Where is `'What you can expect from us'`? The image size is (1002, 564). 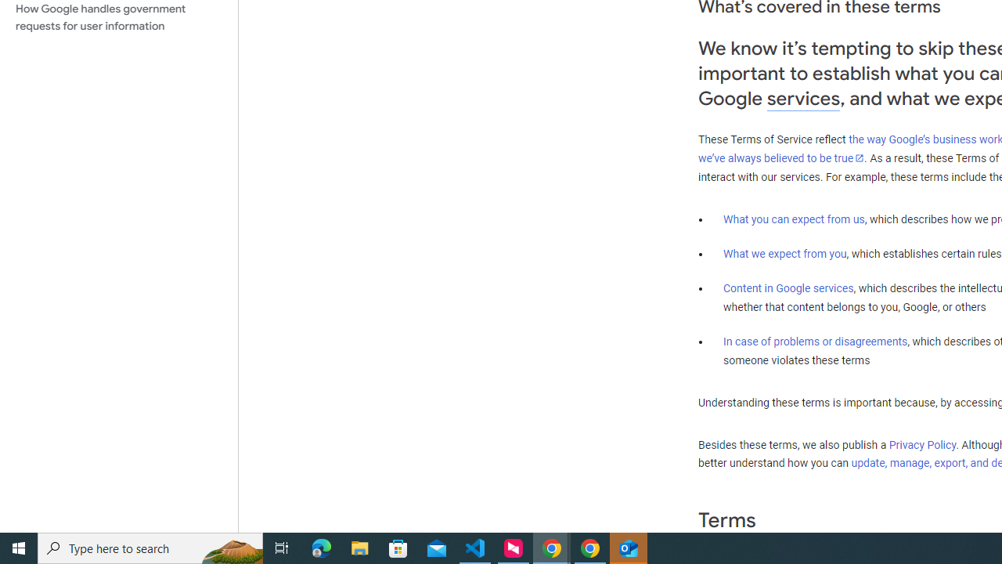 'What you can expect from us' is located at coordinates (794, 219).